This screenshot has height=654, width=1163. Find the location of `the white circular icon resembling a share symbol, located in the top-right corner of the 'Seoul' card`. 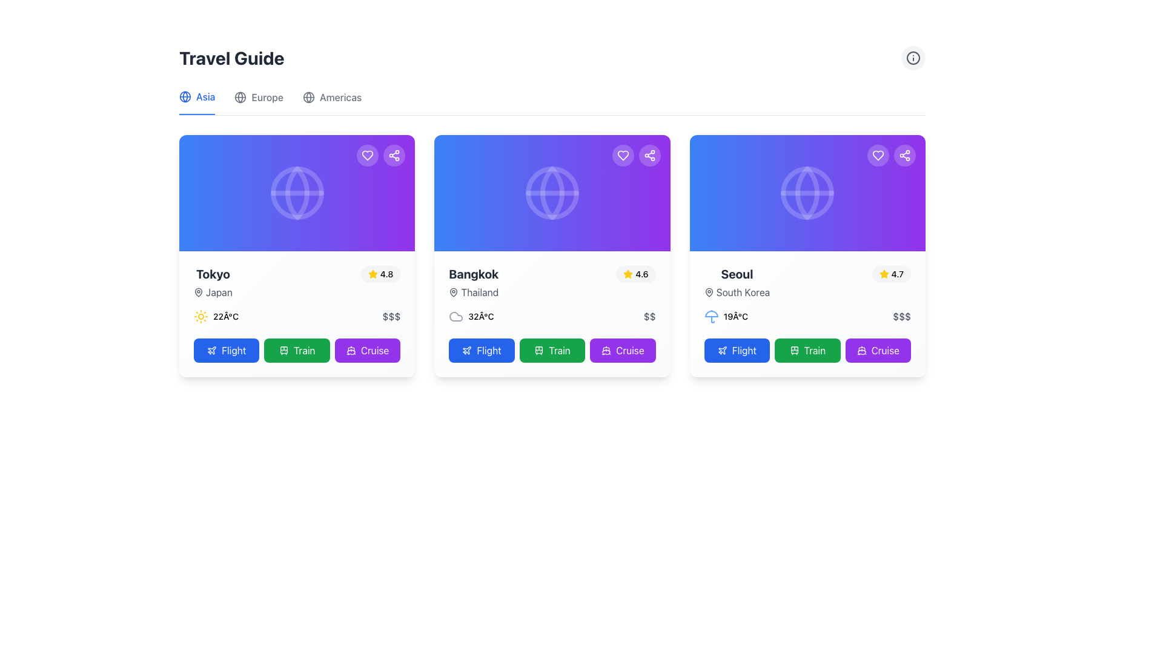

the white circular icon resembling a share symbol, located in the top-right corner of the 'Seoul' card is located at coordinates (904, 155).